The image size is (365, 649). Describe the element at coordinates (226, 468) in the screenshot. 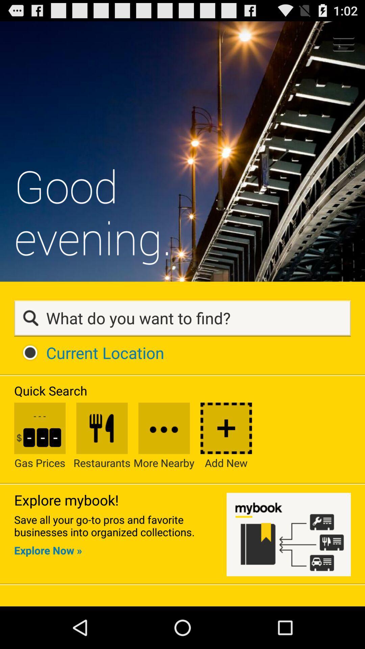

I see `the add icon` at that location.